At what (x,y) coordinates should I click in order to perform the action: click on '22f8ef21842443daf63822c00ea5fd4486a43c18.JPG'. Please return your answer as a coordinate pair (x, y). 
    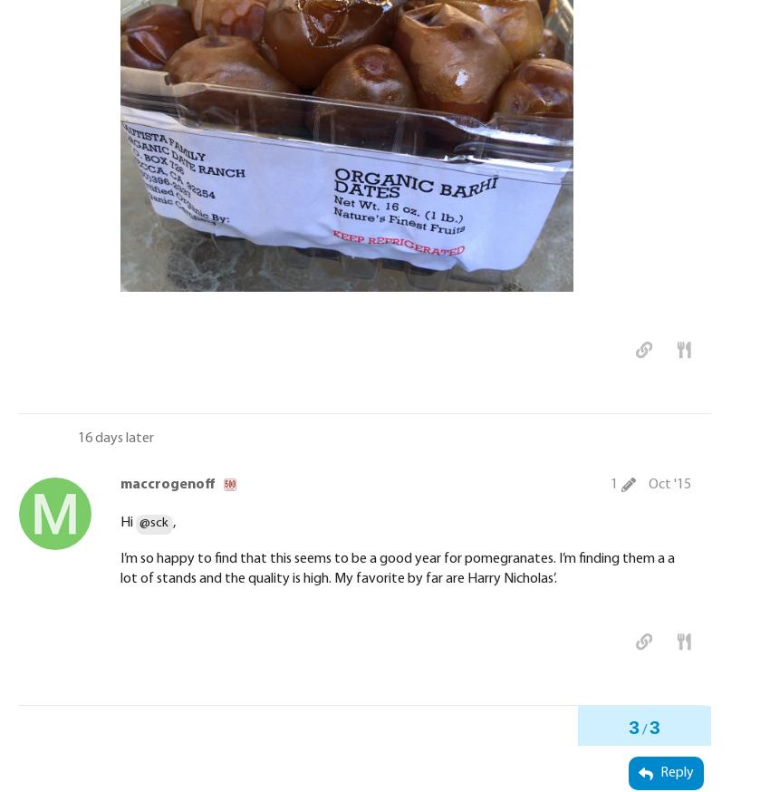
    Looking at the image, I should click on (299, 274).